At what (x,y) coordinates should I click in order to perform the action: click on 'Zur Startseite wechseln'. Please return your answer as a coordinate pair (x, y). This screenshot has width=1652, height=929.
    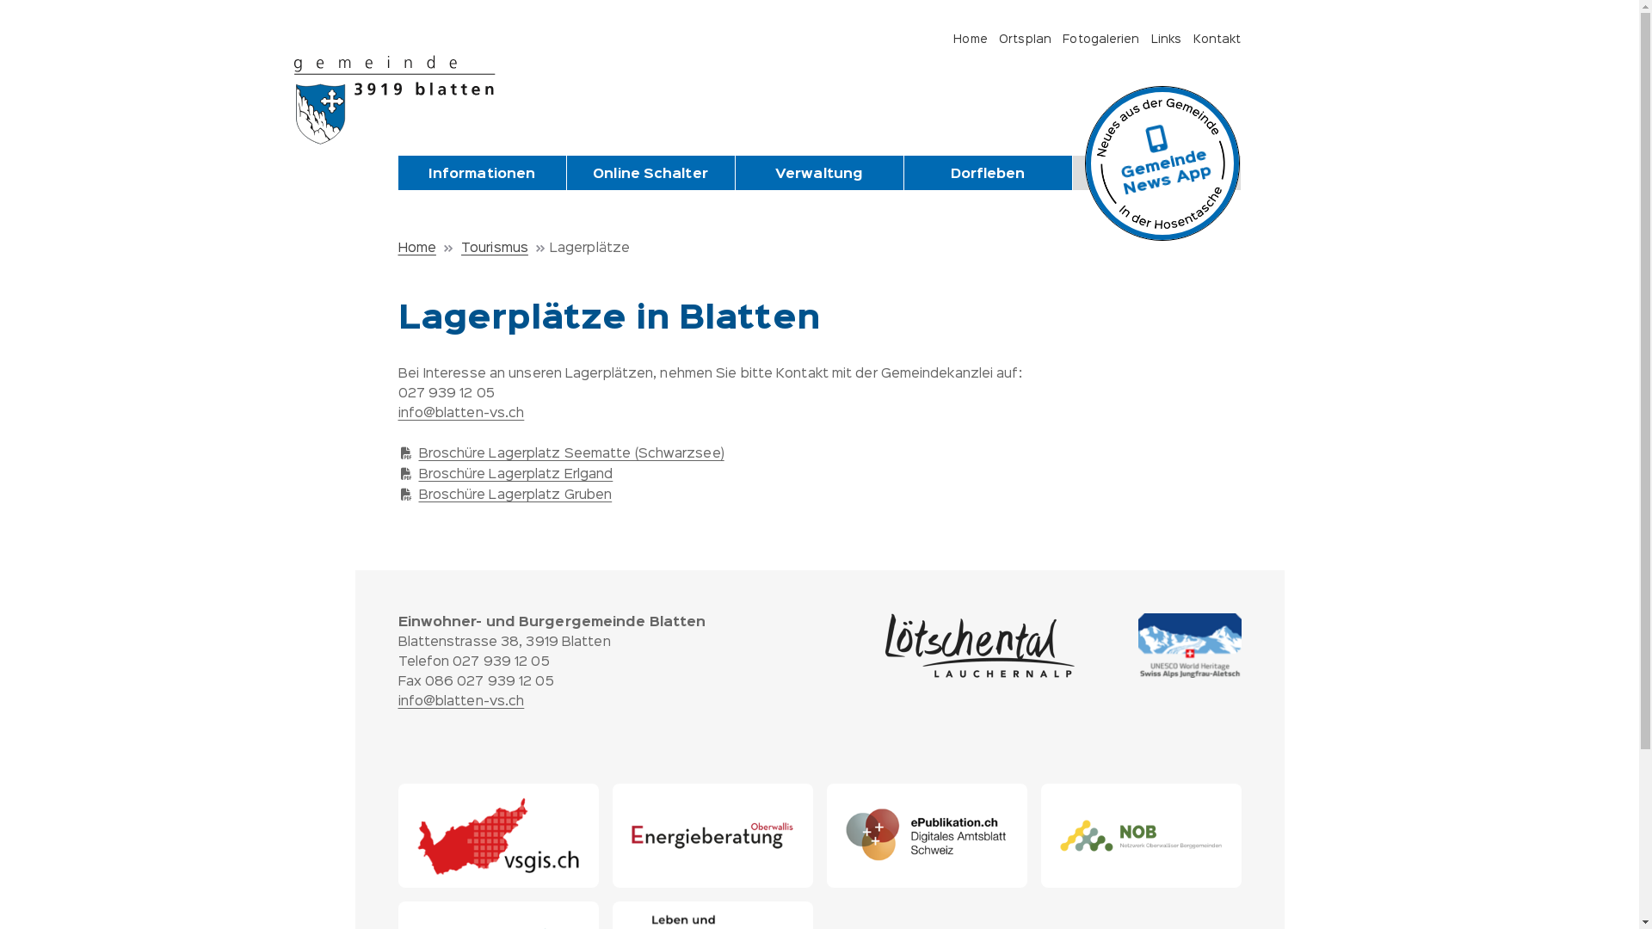
    Looking at the image, I should click on (401, 99).